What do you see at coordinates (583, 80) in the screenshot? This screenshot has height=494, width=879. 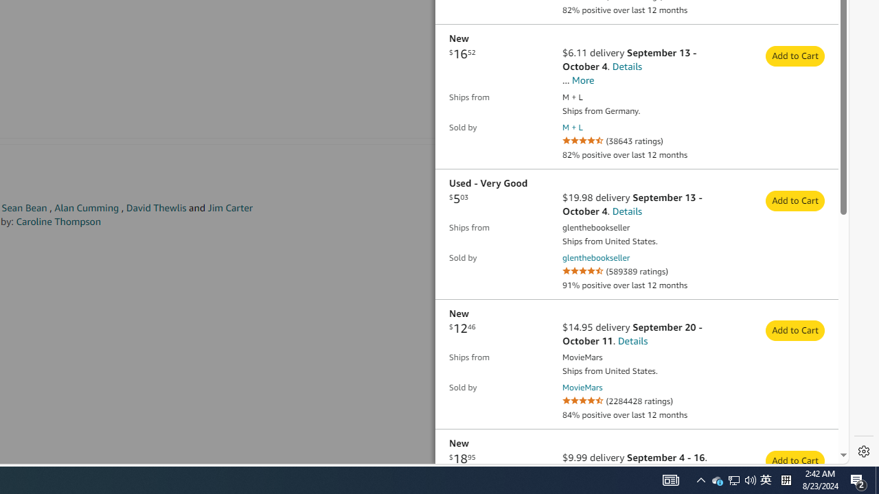 I see `'More. about shipping'` at bounding box center [583, 80].